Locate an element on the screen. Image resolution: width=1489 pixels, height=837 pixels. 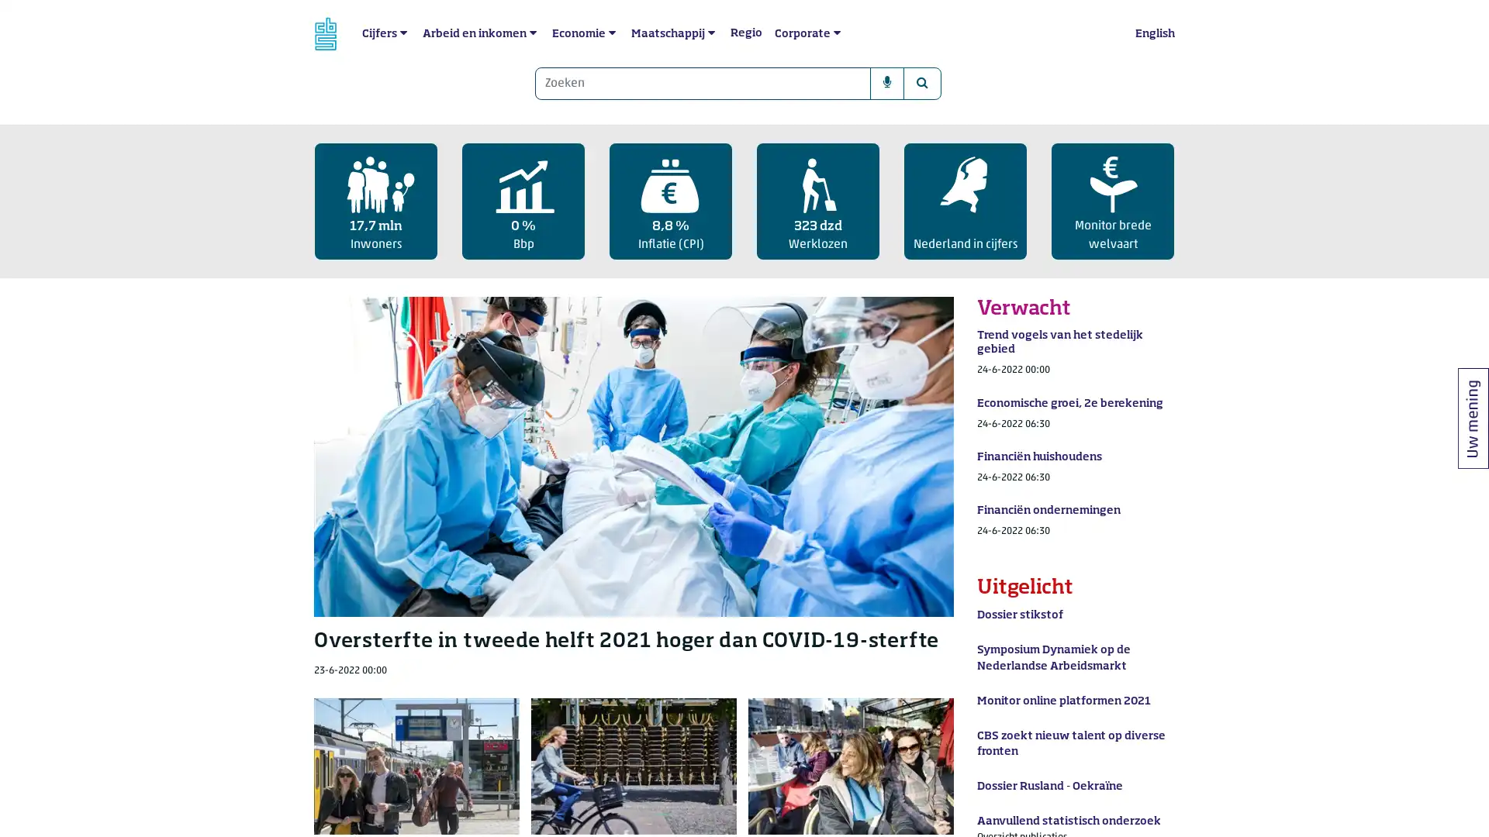
submenu Arbeid en inkomen is located at coordinates (533, 33).